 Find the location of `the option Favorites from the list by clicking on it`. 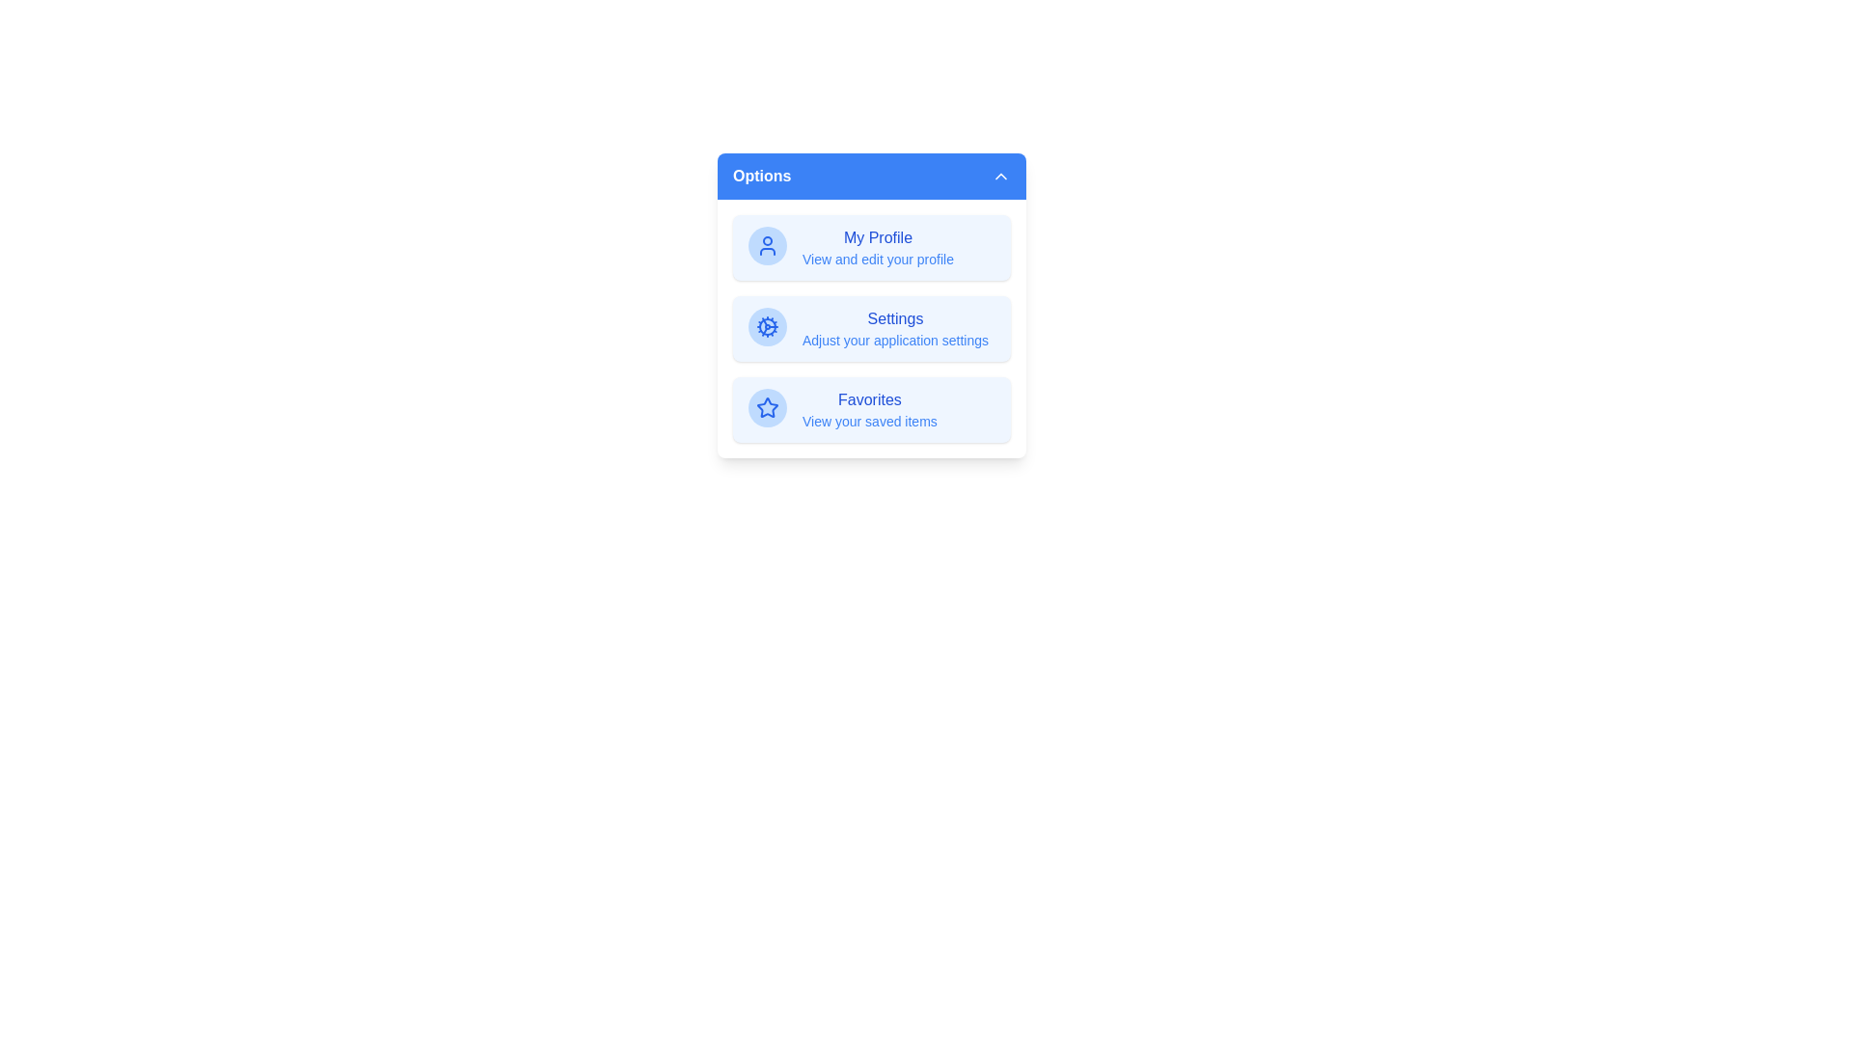

the option Favorites from the list by clicking on it is located at coordinates (870, 408).